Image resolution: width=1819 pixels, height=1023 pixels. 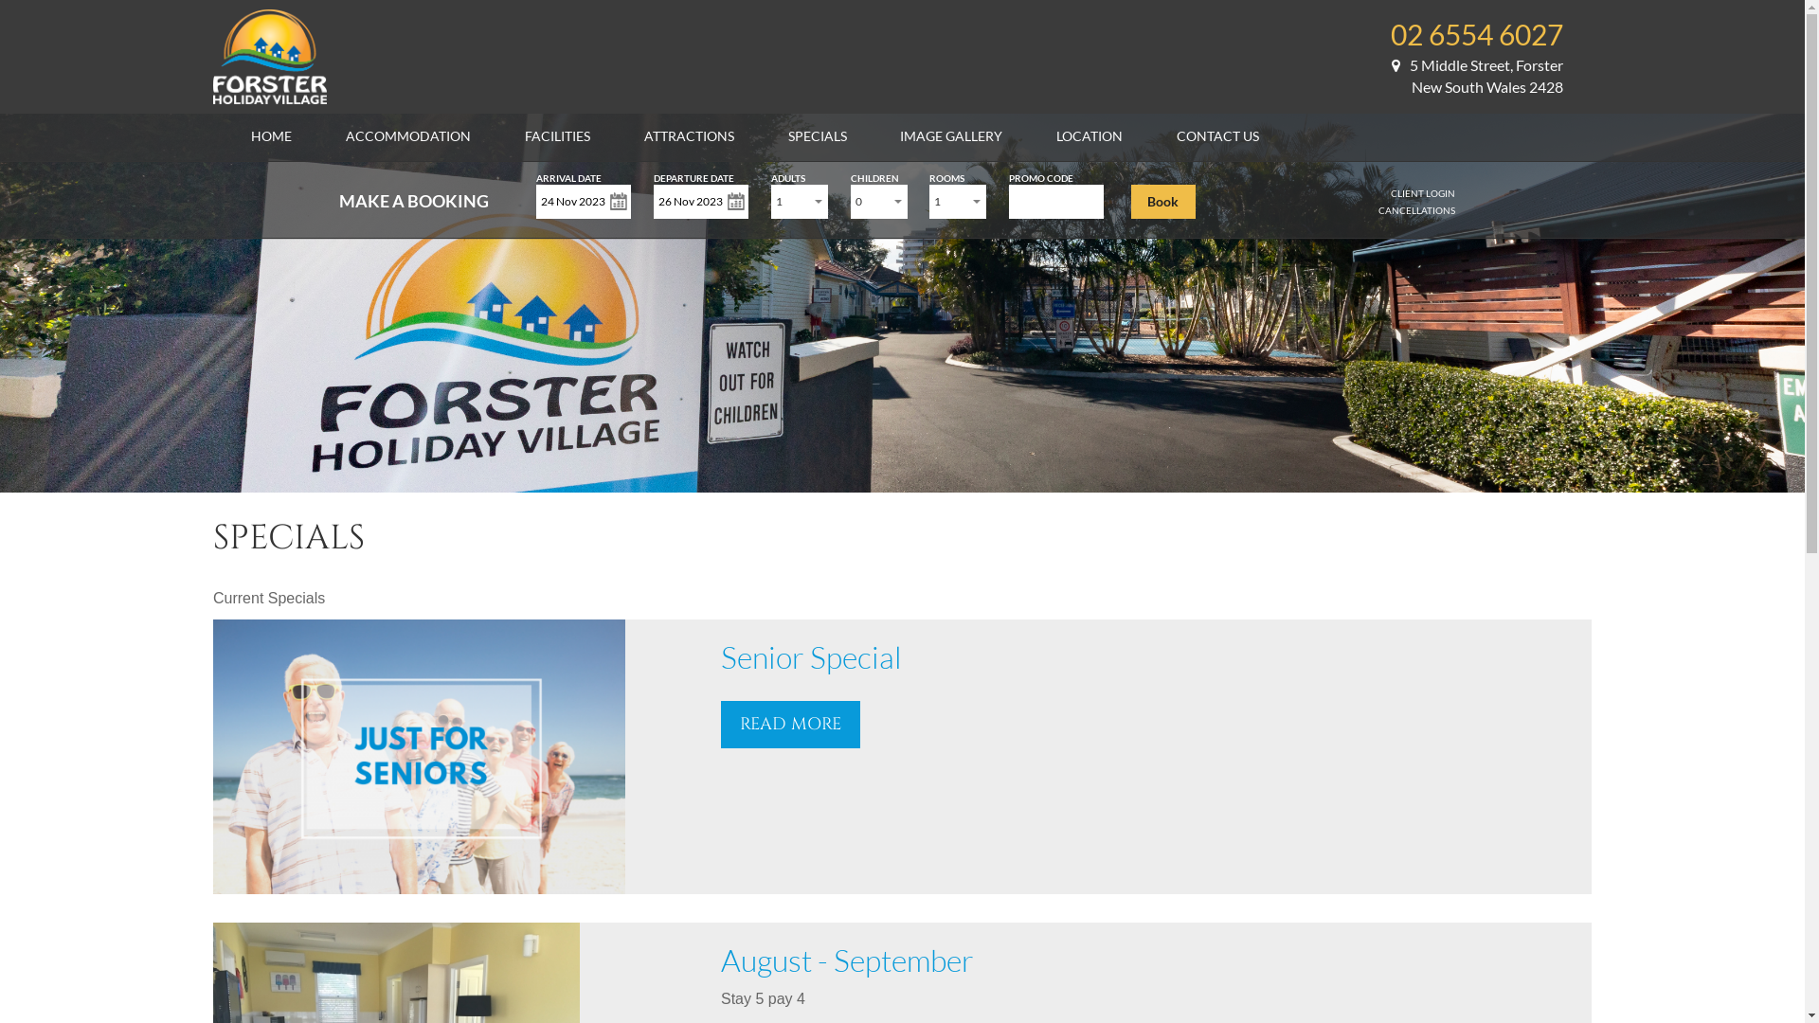 What do you see at coordinates (345, 135) in the screenshot?
I see `'ACCOMMODATION'` at bounding box center [345, 135].